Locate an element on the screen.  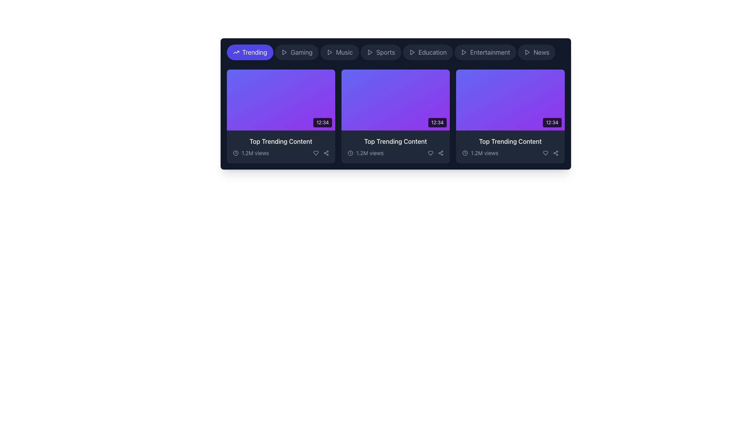
view count information from the text label displaying '1.2M views', which is styled in light color against a dark background and positioned near a clock icon below the 'Top Trending Content' card is located at coordinates (369, 153).